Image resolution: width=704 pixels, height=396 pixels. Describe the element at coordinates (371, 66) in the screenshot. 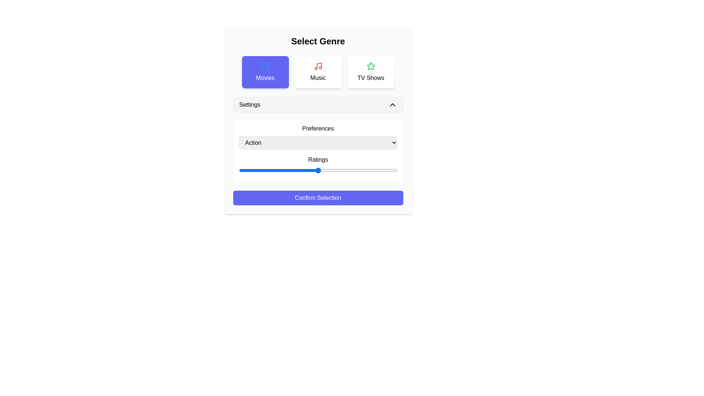

I see `the decorative icon associated with the 'TV Shows' option located in the top right section of the 'Select Genre' modal` at that location.